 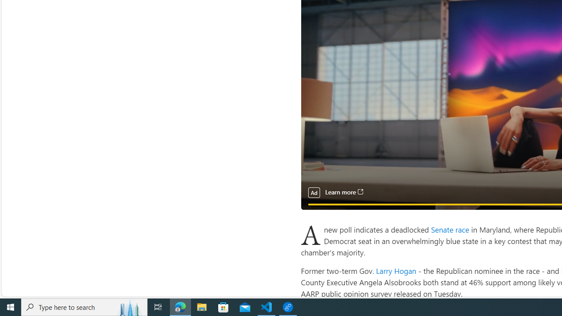 I want to click on 'Larry Hogan', so click(x=396, y=270).